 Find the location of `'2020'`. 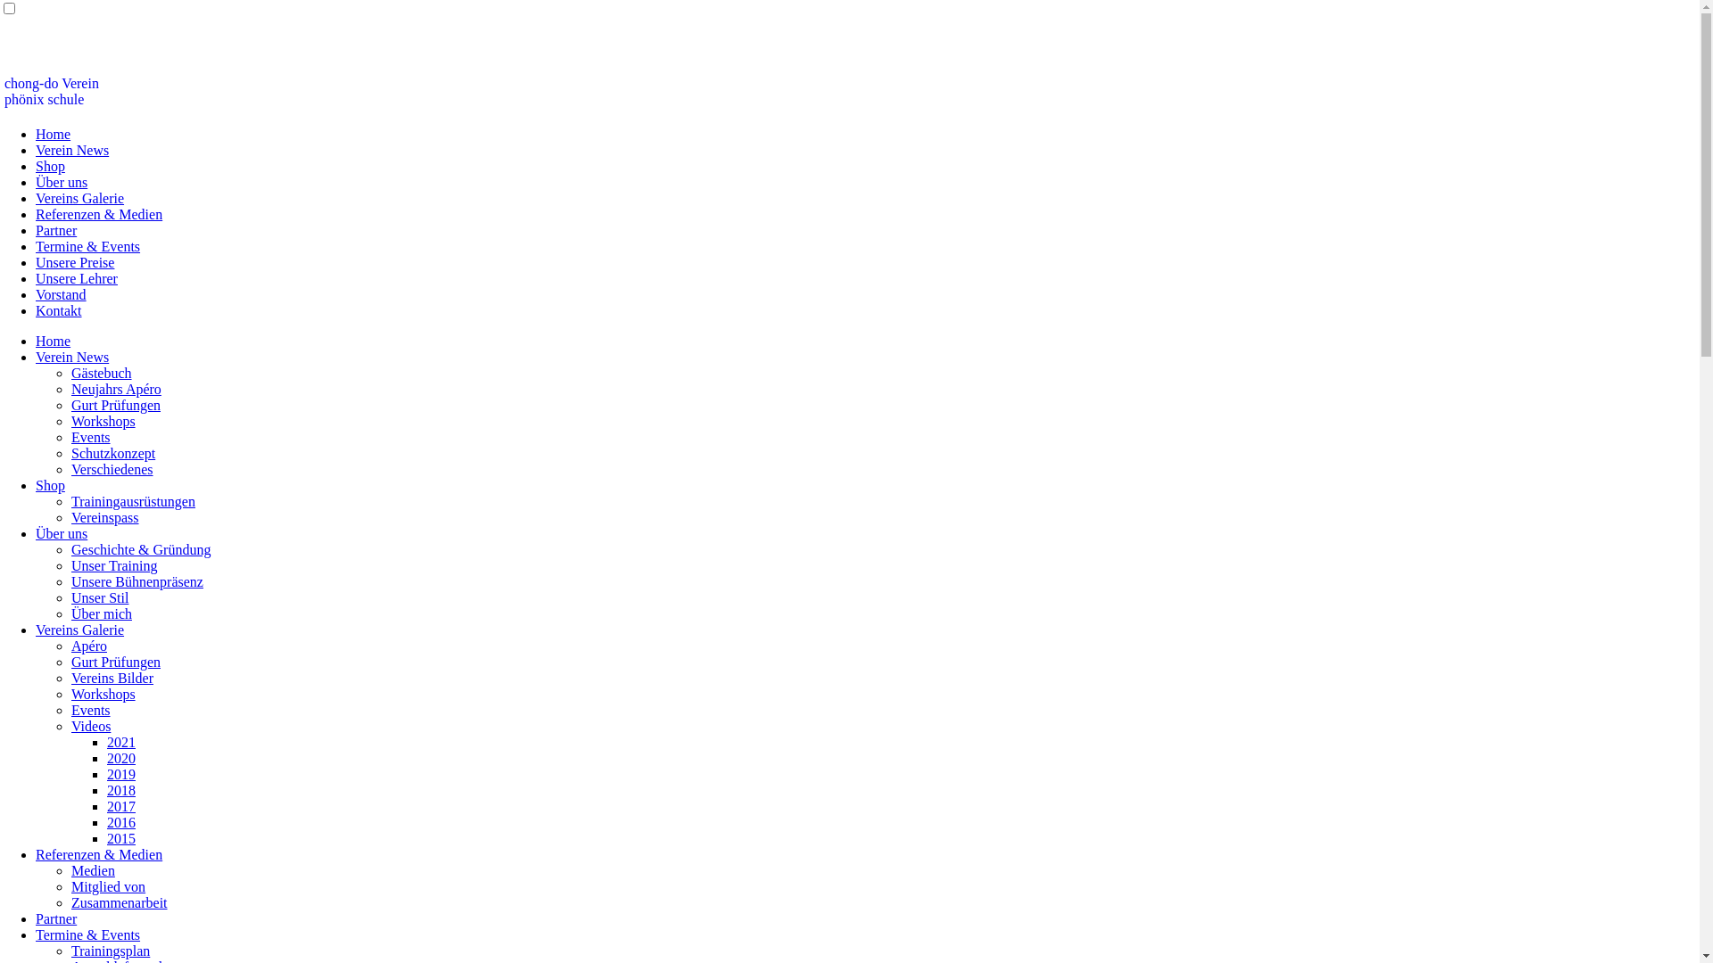

'2020' is located at coordinates (120, 758).